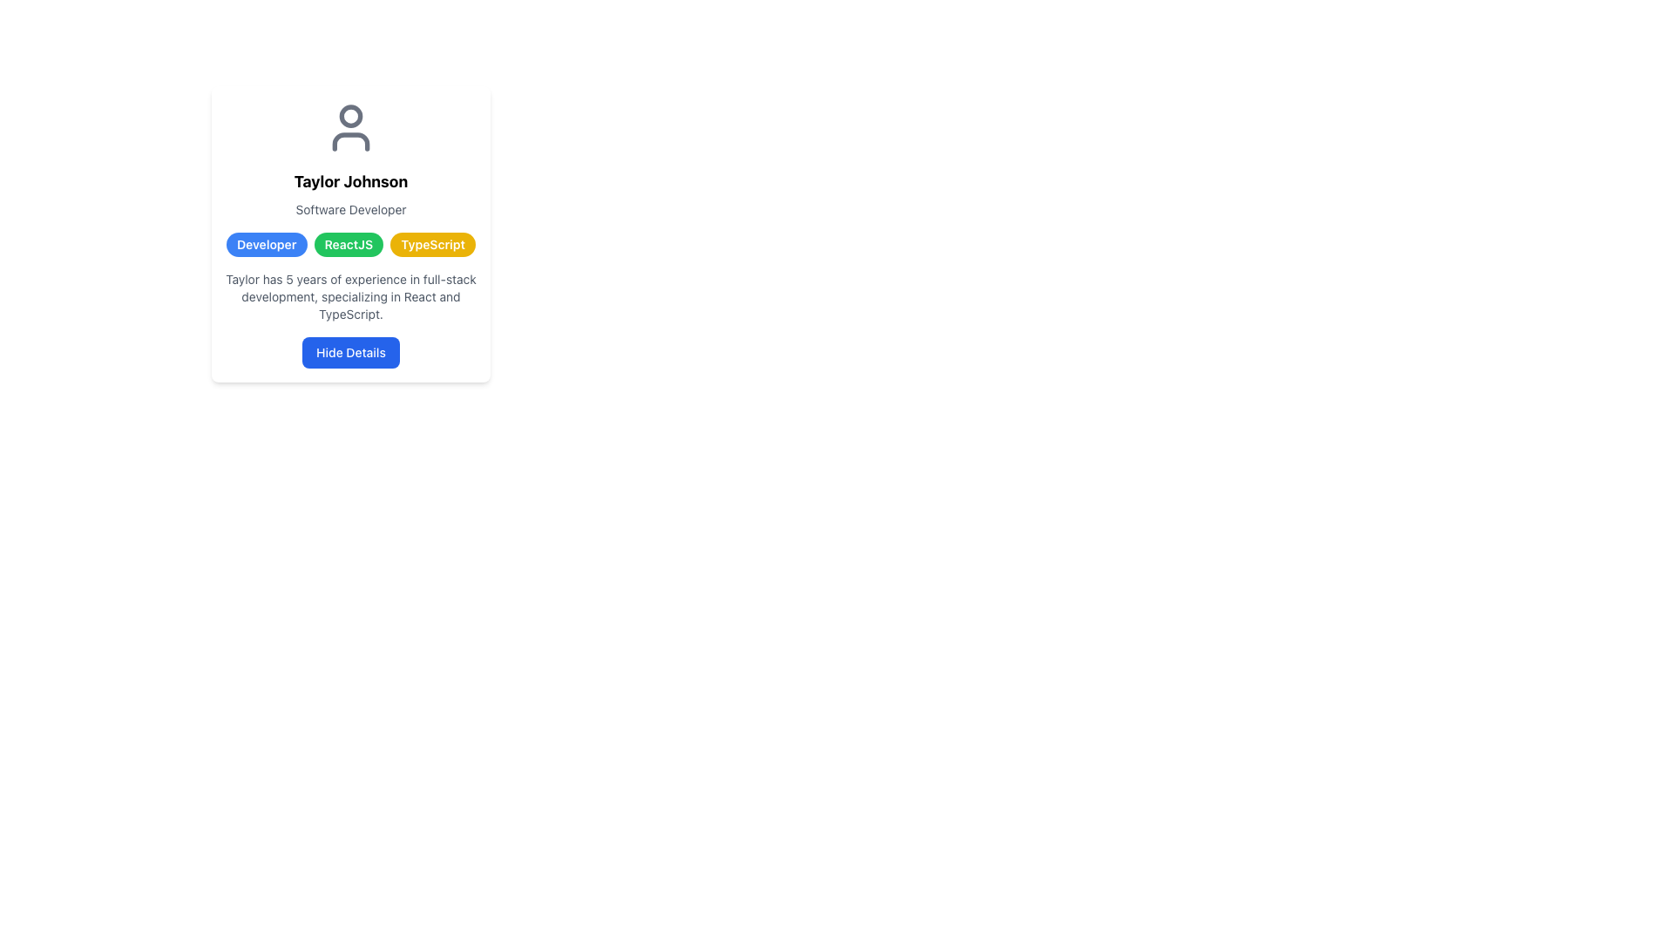  I want to click on the button at the bottom of the card that toggles the visibility of additional information about 'Taylor has 5 years of experience...' to hide the details, so click(350, 353).